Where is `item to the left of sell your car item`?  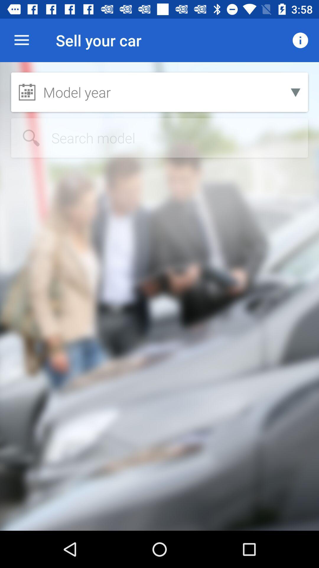
item to the left of sell your car item is located at coordinates (21, 40).